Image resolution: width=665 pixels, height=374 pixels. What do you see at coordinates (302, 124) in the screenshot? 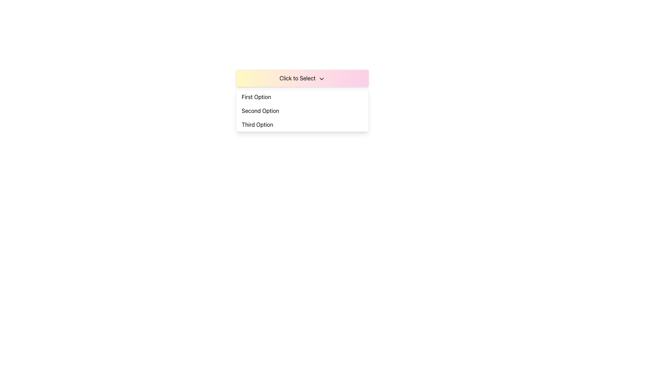
I see `the third item in the dropdown menu, which is positioned below 'Second Option'` at bounding box center [302, 124].